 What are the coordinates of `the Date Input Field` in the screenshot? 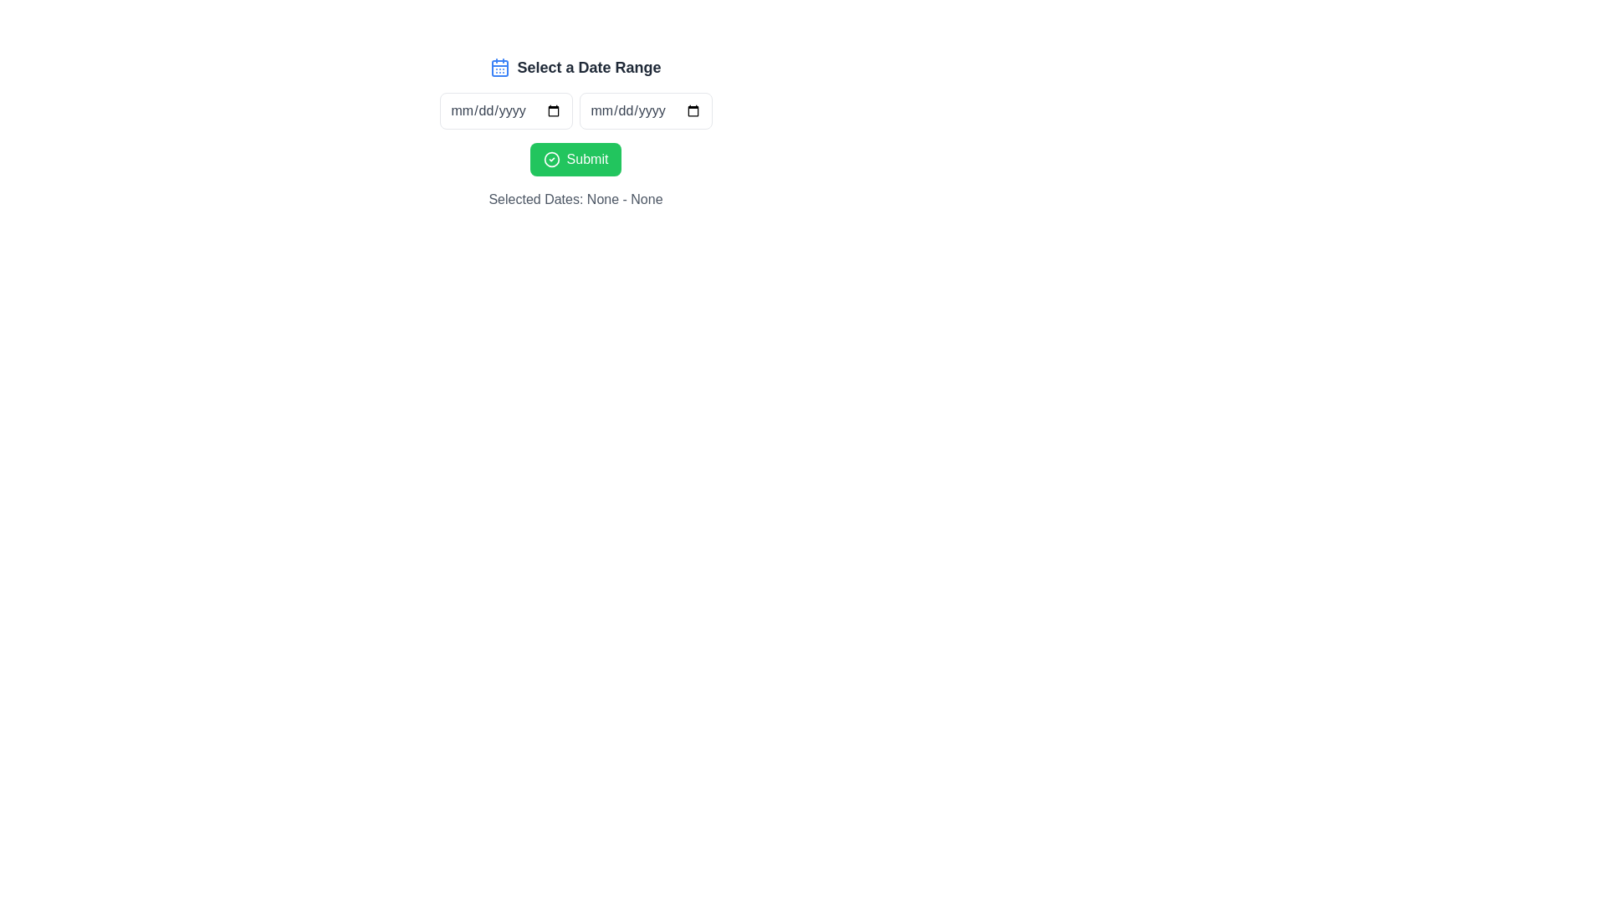 It's located at (504, 110).